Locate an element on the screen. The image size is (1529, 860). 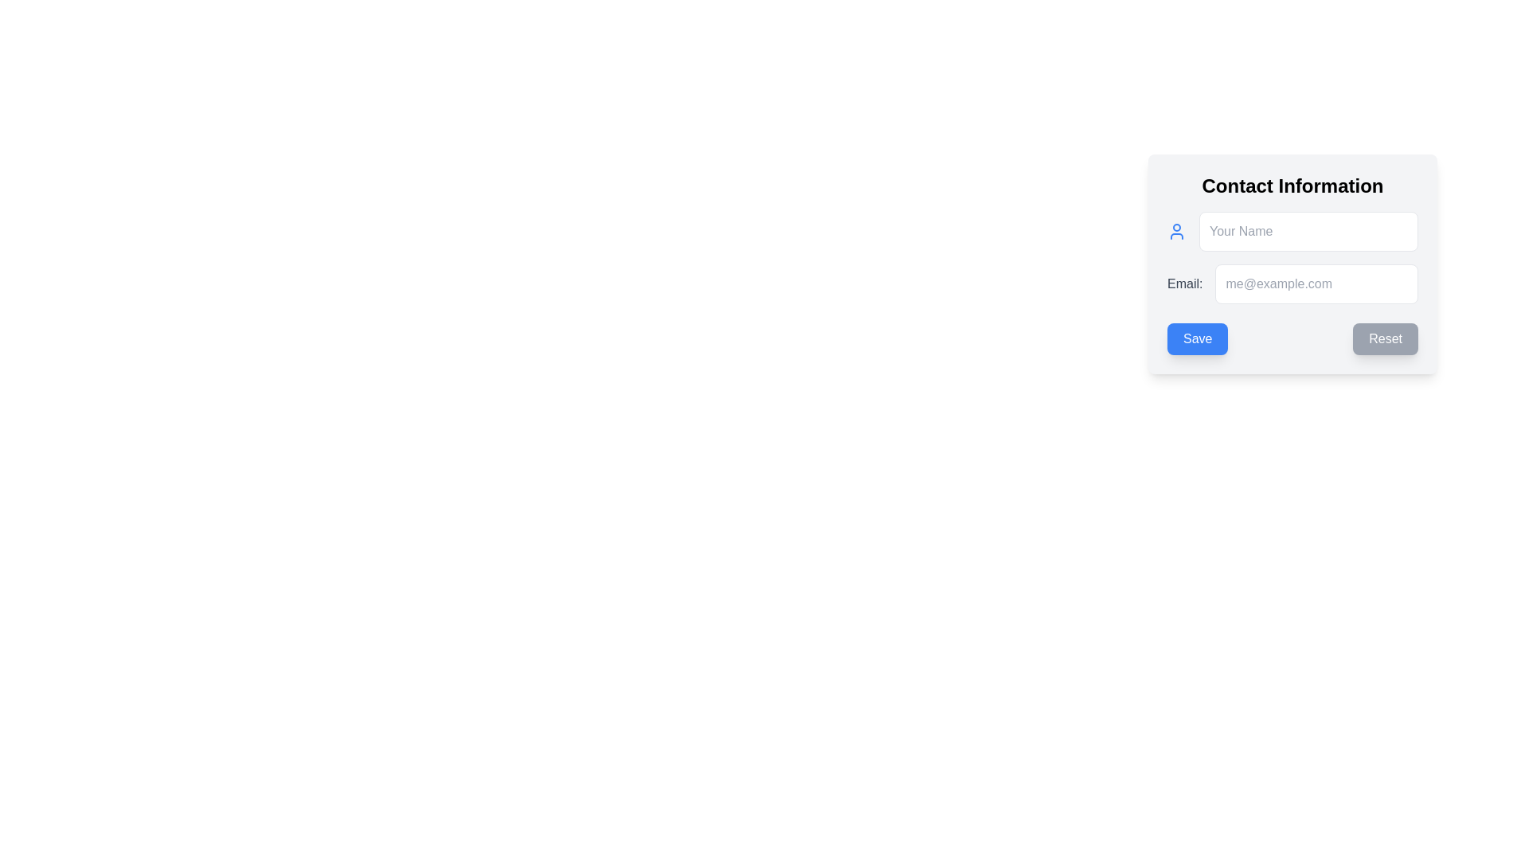
the user icon, which is a blue SVG representation of a person's outline located to the left of the text input field labeled 'Your Name' within the 'Contact Information' card is located at coordinates (1177, 231).